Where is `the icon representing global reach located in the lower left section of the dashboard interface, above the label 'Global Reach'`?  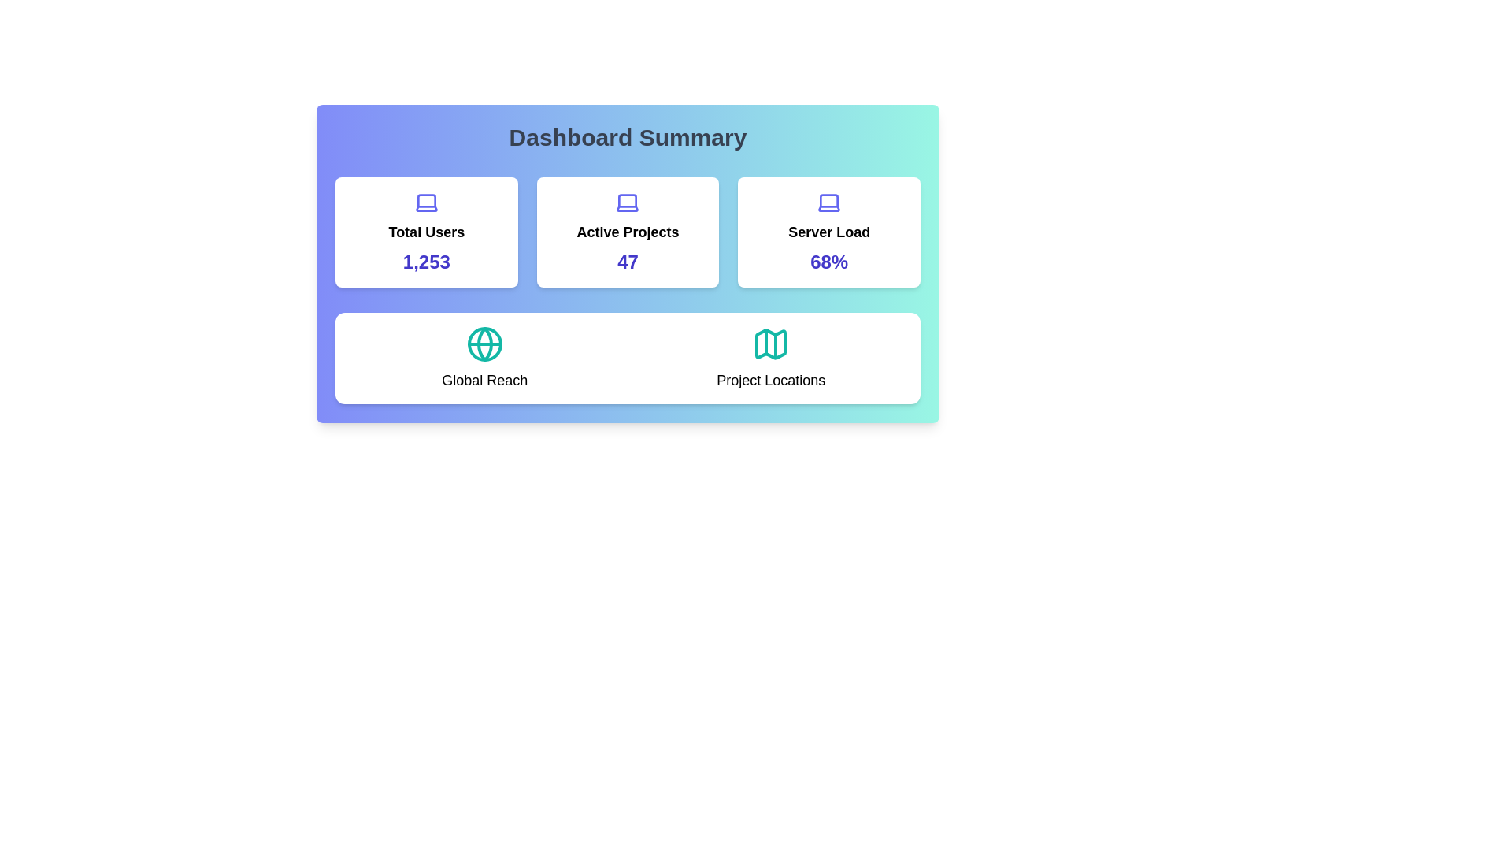 the icon representing global reach located in the lower left section of the dashboard interface, above the label 'Global Reach' is located at coordinates (484, 343).